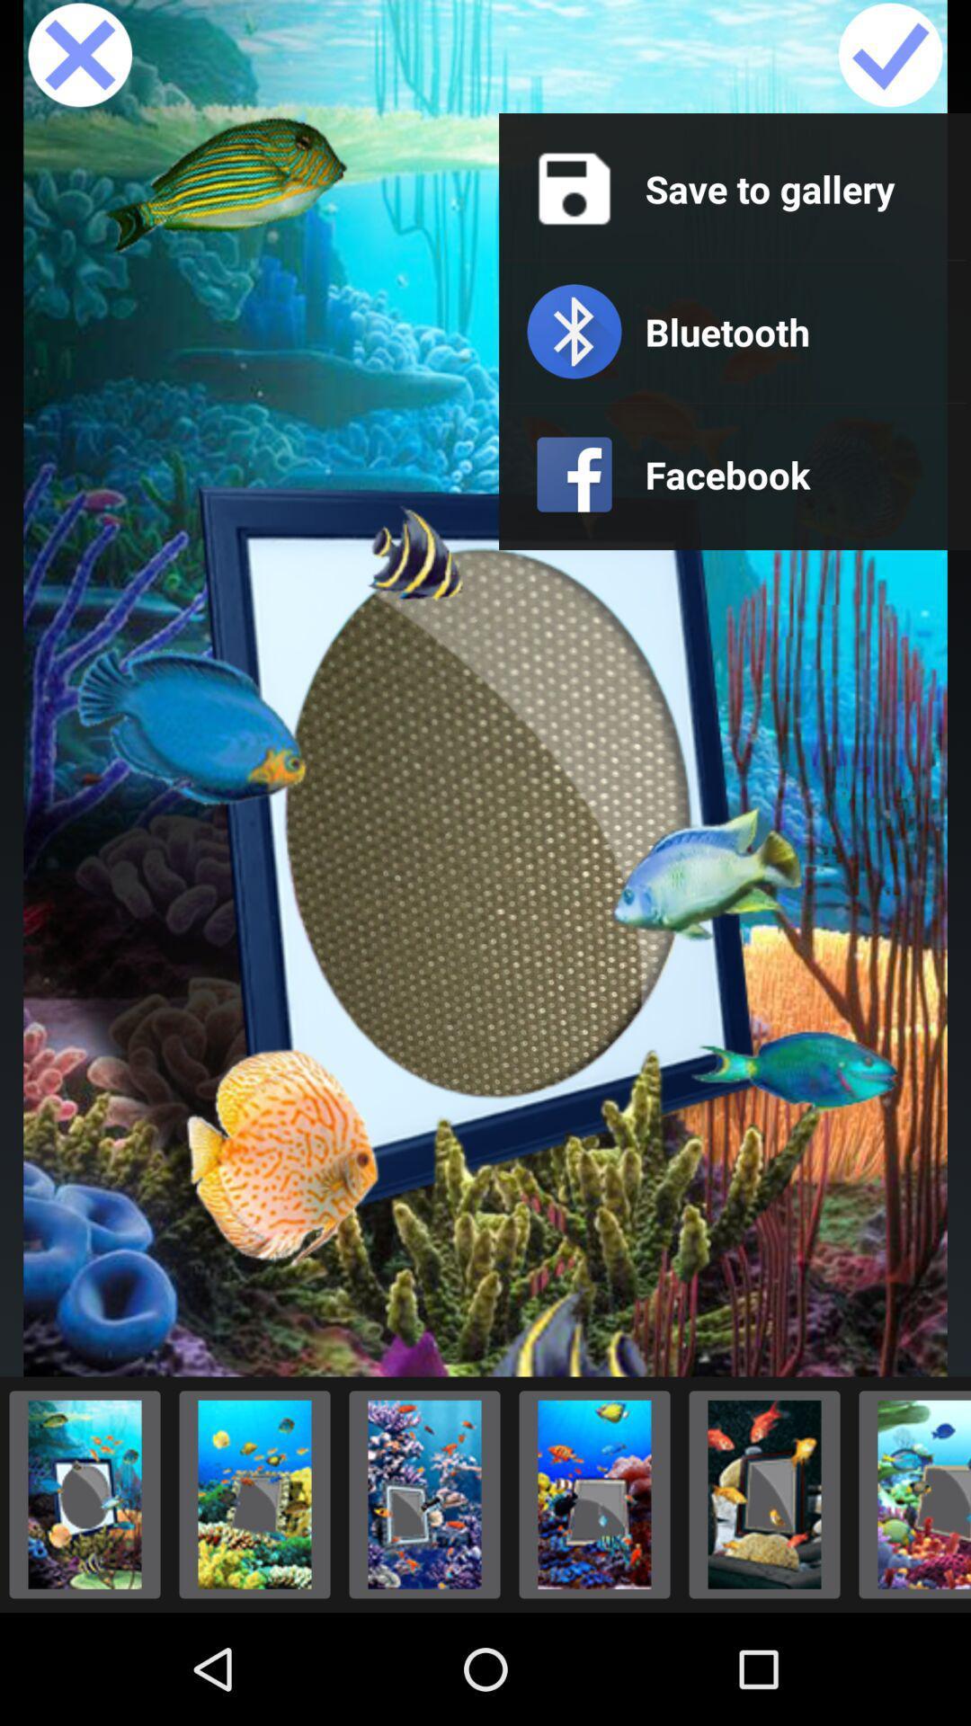 The height and width of the screenshot is (1726, 971). What do you see at coordinates (254, 1494) in the screenshot?
I see `image` at bounding box center [254, 1494].